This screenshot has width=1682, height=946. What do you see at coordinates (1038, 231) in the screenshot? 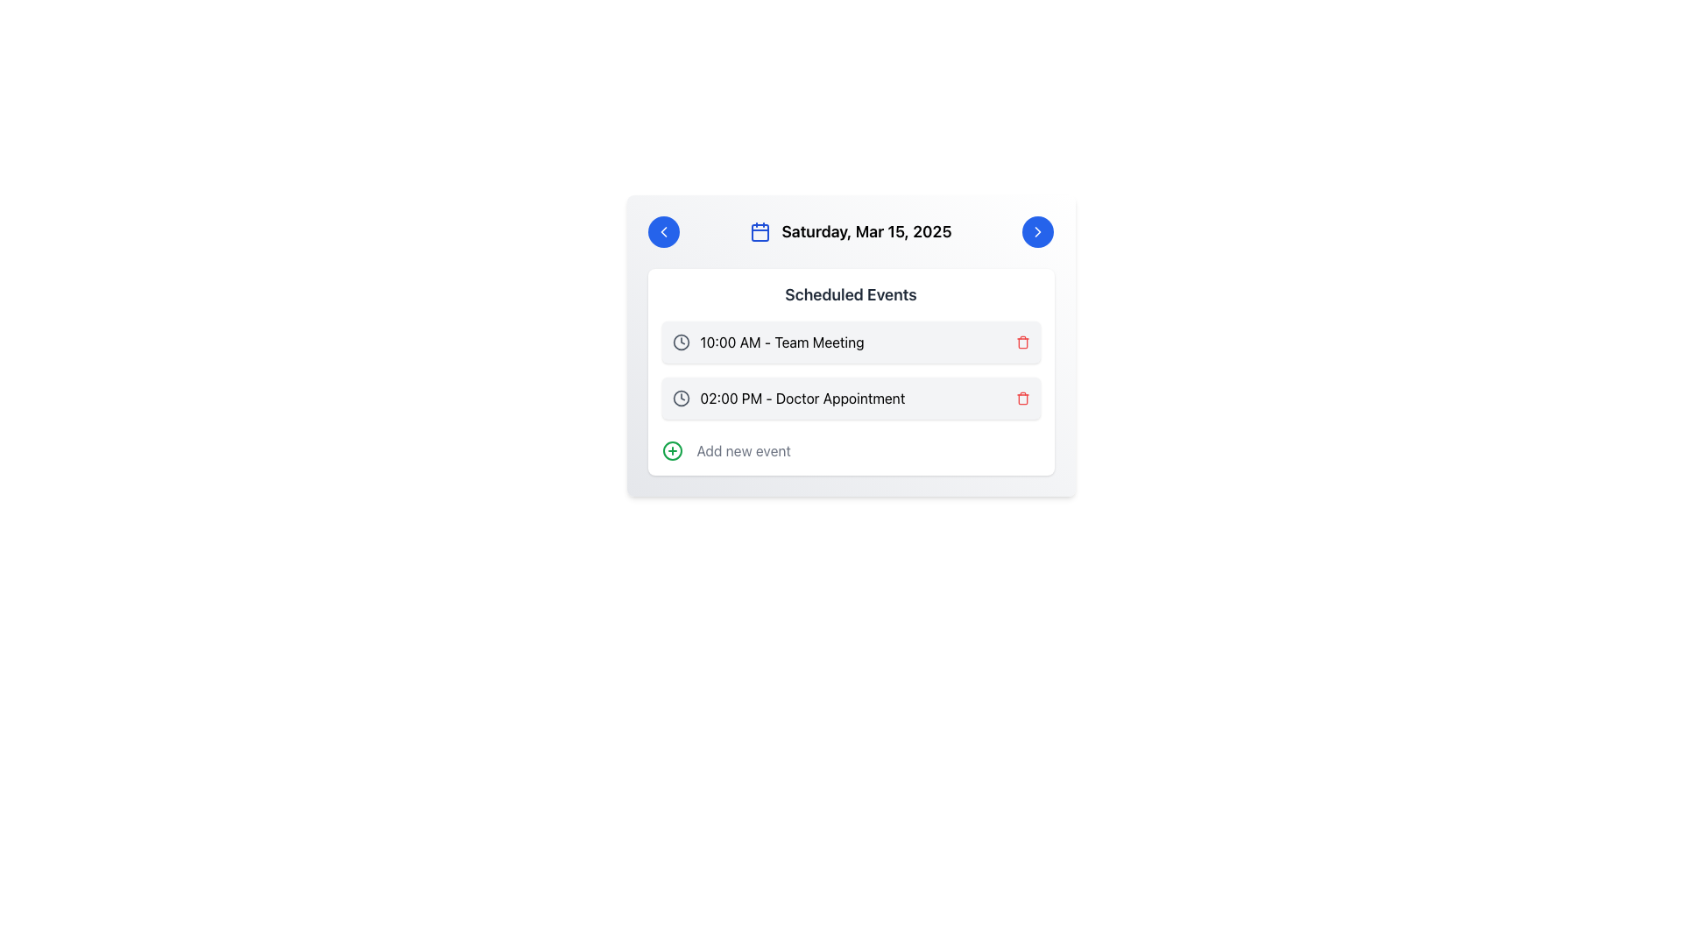
I see `the chevron icon embedded in the blue circular button located in the top-right corner of the card component` at bounding box center [1038, 231].